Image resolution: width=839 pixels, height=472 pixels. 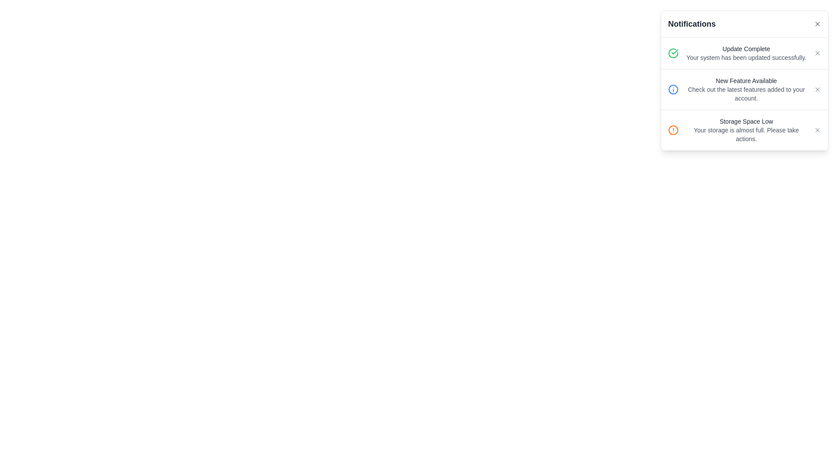 I want to click on text of the title Text Label located at the center of the first notification card in the notification panel, so click(x=746, y=49).